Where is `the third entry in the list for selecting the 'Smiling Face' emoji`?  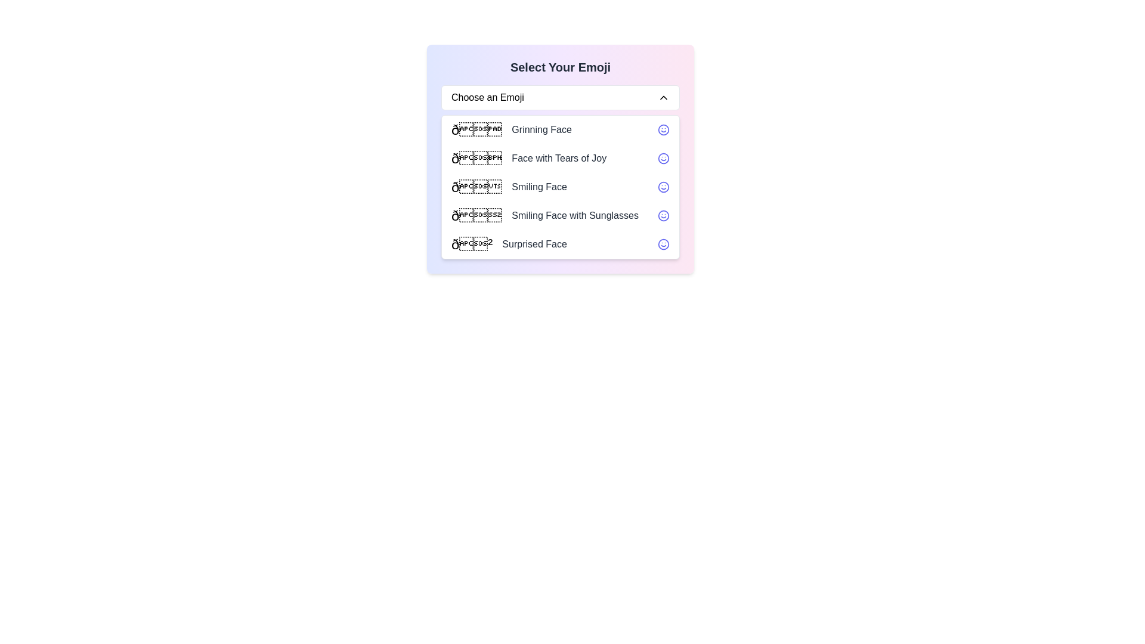
the third entry in the list for selecting the 'Smiling Face' emoji is located at coordinates (560, 187).